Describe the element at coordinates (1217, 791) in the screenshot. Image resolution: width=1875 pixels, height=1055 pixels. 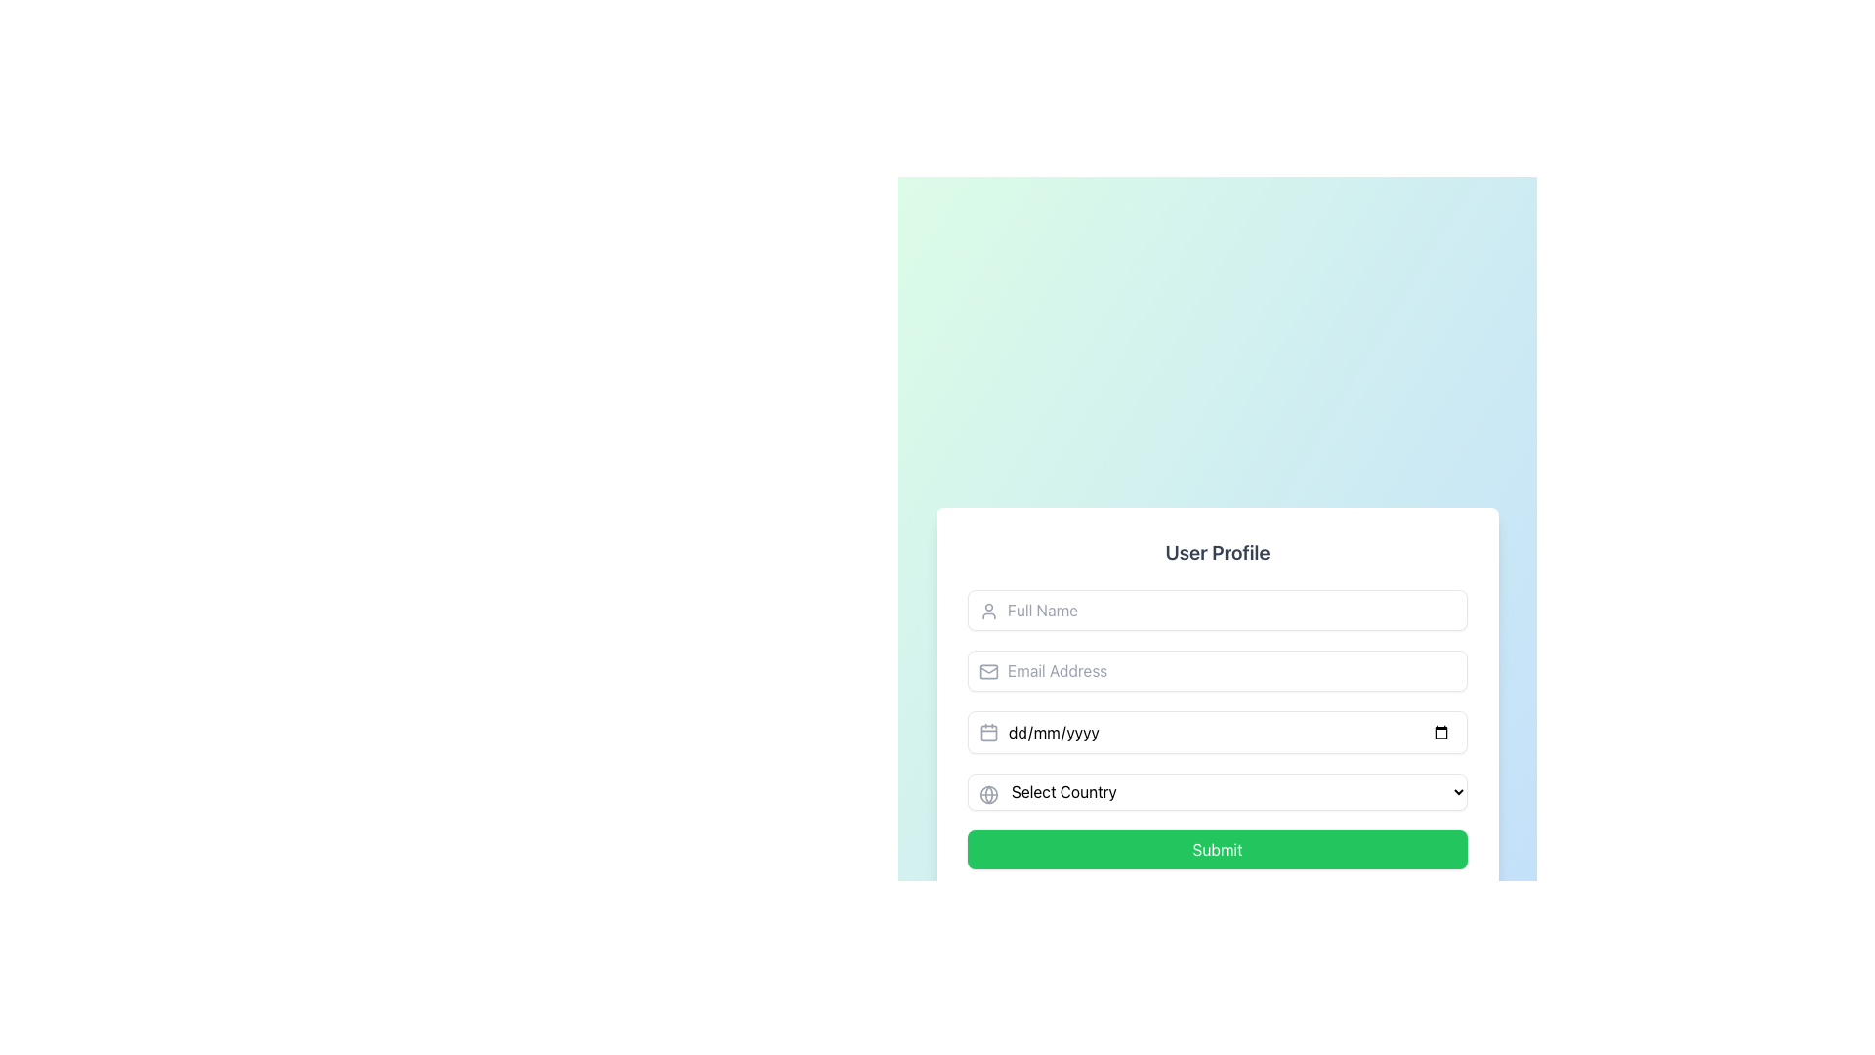
I see `the dropdown menu labeled 'Select Country' located in the User Profile form, positioned above the Submit button and below the date input field` at that location.